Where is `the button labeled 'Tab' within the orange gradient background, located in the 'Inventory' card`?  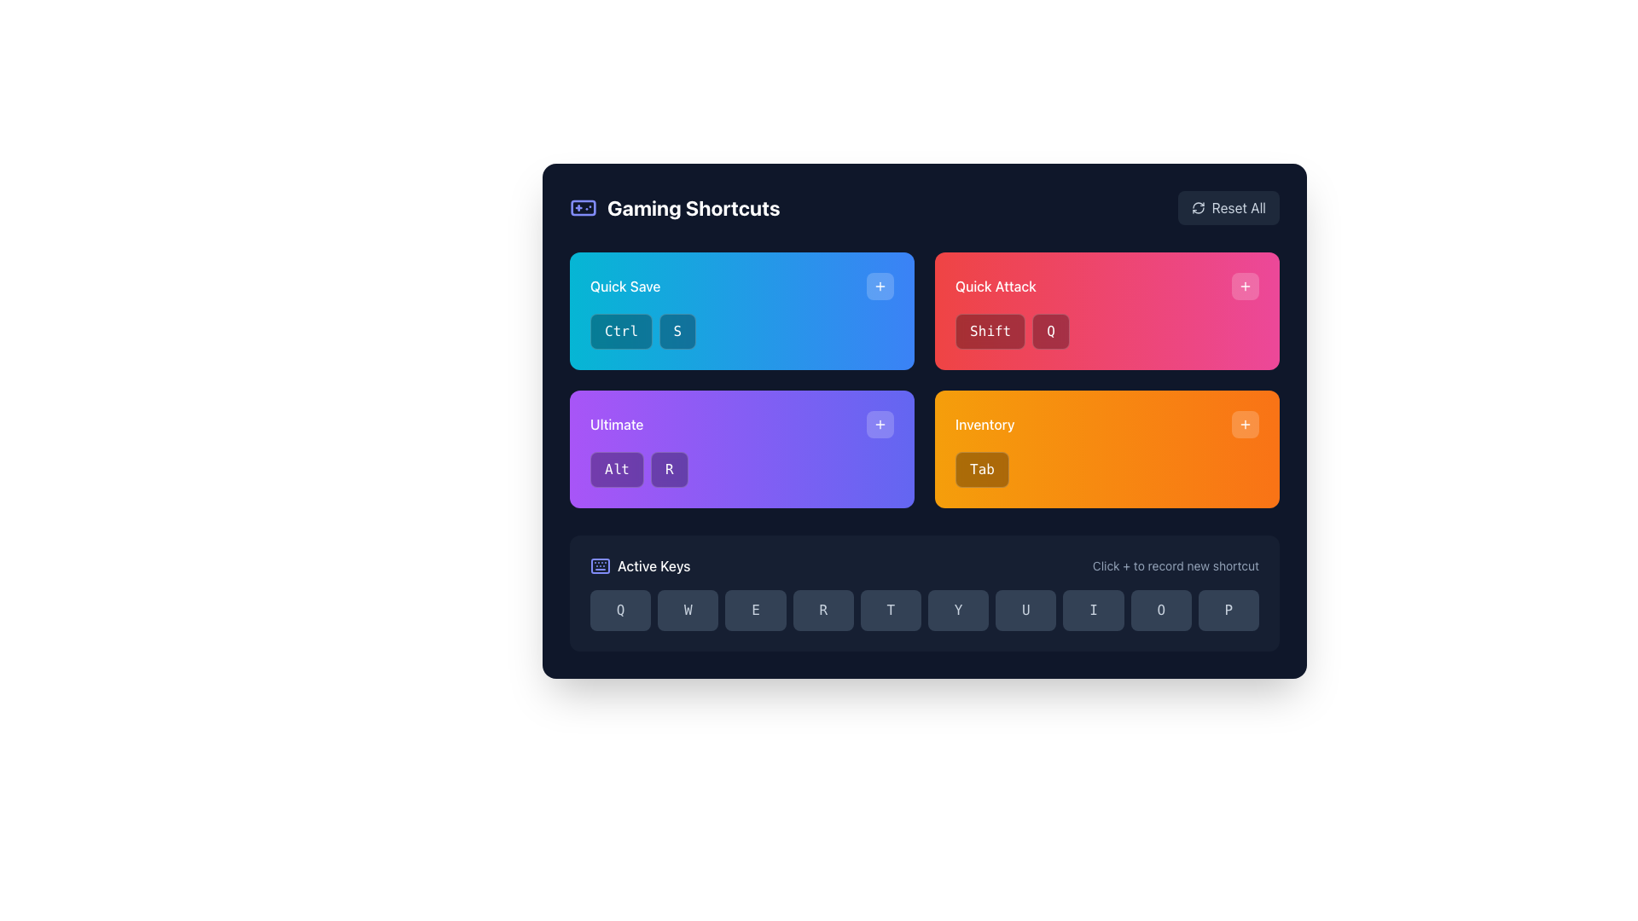 the button labeled 'Tab' within the orange gradient background, located in the 'Inventory' card is located at coordinates (1107, 470).